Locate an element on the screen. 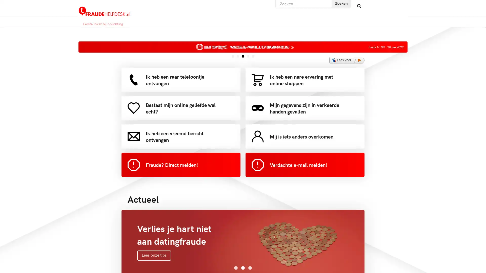 The width and height of the screenshot is (486, 273). Zoeken is located at coordinates (339, 6).